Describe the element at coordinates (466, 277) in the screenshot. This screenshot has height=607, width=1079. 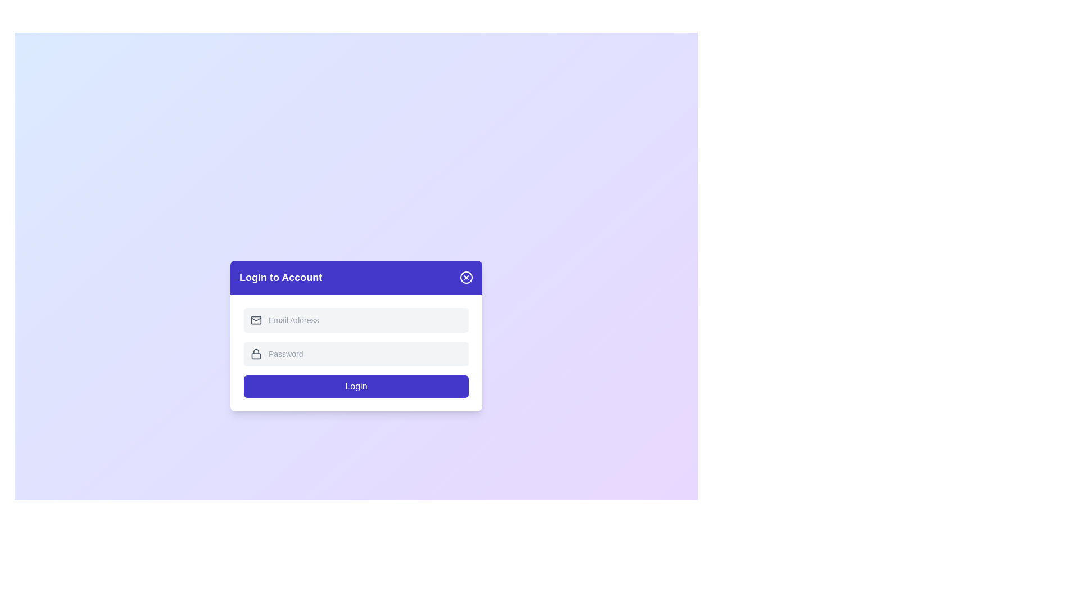
I see `the close button of the dialog` at that location.